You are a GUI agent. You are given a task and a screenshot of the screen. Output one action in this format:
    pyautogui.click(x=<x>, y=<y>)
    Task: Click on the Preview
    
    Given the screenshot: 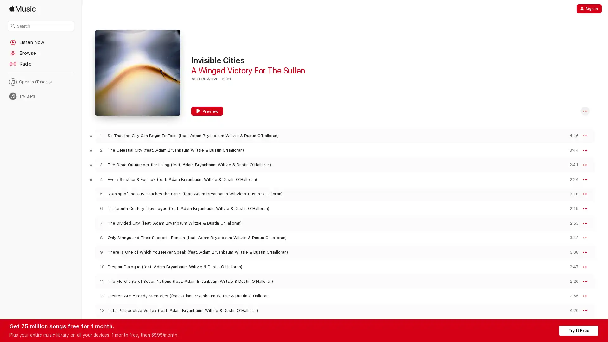 What is the action you would take?
    pyautogui.click(x=571, y=193)
    